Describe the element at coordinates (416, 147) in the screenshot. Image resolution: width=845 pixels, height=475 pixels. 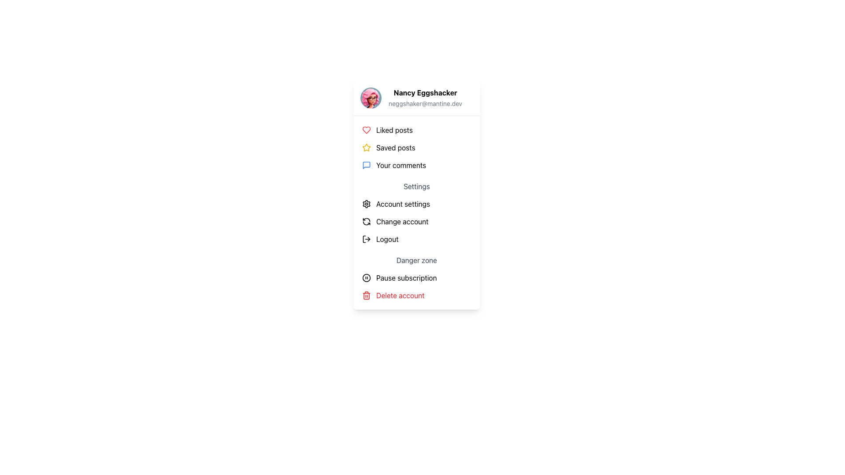
I see `the second menu option for accessing saved posts, located under the user profile section` at that location.